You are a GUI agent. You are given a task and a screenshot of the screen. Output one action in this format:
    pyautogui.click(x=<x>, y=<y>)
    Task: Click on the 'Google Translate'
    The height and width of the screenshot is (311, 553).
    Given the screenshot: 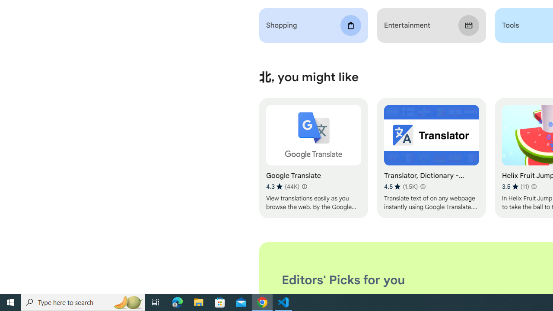 What is the action you would take?
    pyautogui.click(x=313, y=158)
    